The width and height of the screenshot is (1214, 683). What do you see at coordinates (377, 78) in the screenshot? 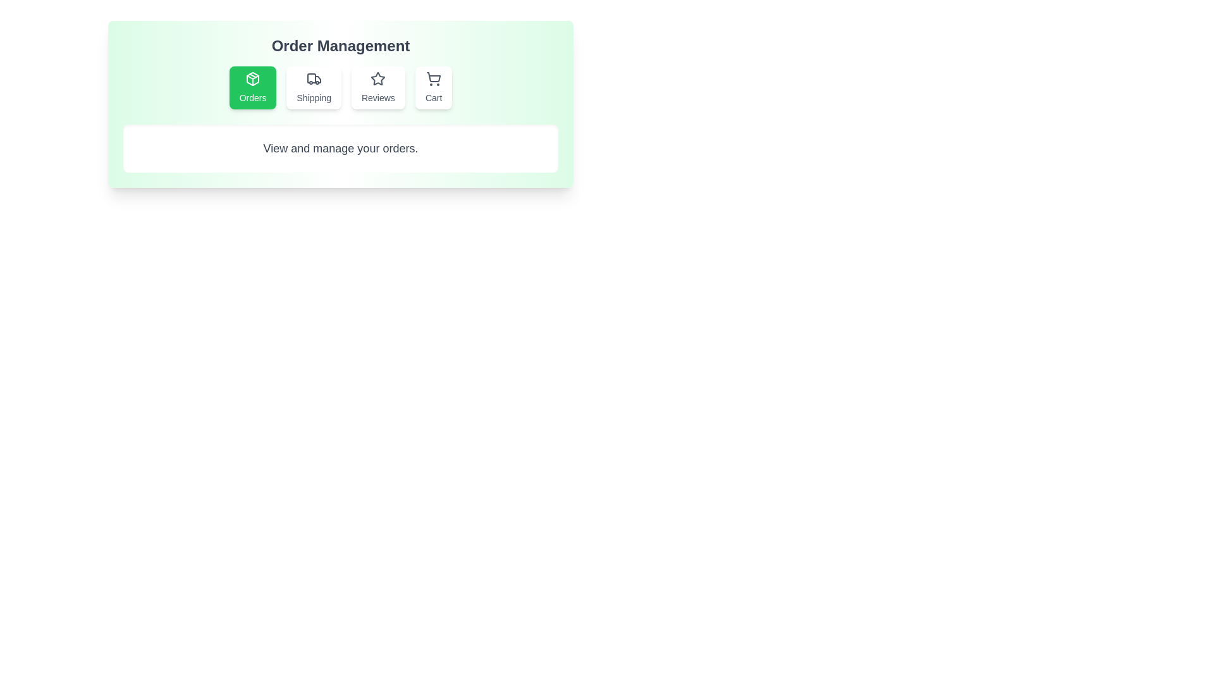
I see `the star icon representing ratings or reviews, which is the third item in the horizontally arranged 'Reviews' options` at bounding box center [377, 78].